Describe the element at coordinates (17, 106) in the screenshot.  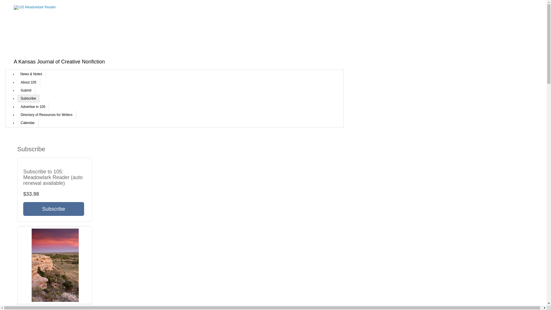
I see `'Advertise in 105'` at that location.